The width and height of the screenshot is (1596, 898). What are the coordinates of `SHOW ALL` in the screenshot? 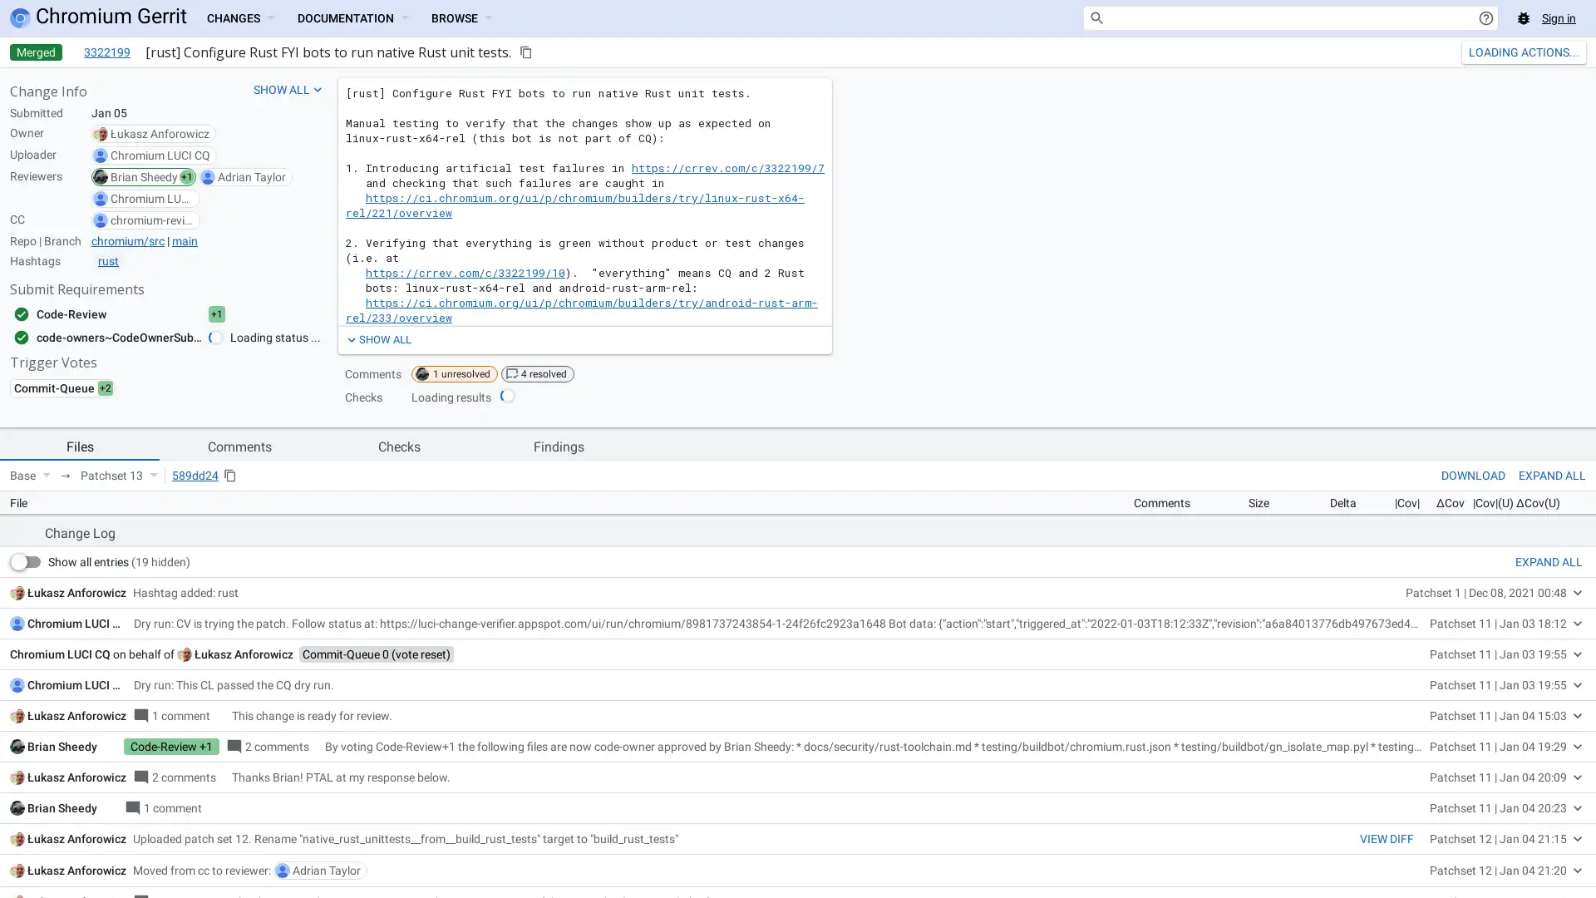 It's located at (377, 338).